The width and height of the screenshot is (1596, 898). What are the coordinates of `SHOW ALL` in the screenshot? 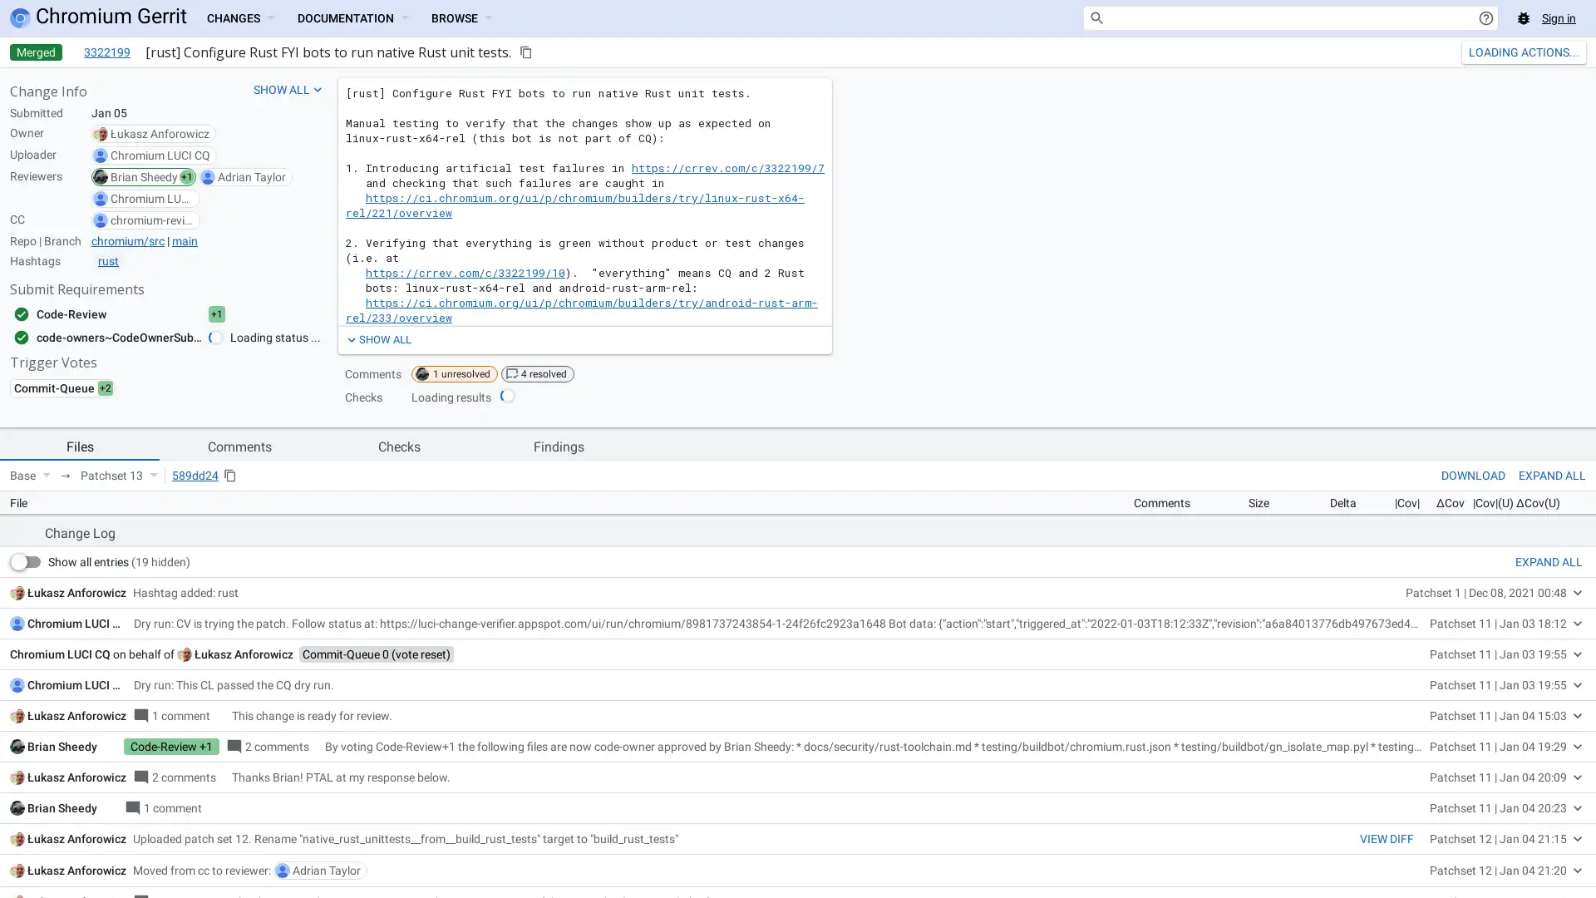 It's located at (377, 338).